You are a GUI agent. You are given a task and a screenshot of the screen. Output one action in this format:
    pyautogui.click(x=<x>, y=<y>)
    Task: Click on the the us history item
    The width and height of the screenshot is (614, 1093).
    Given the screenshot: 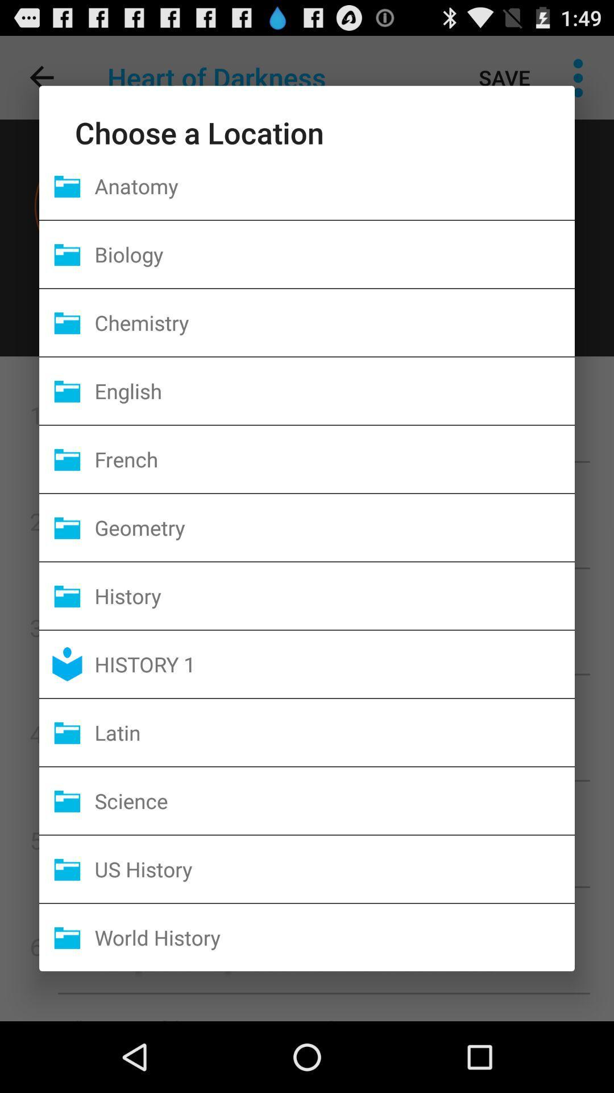 What is the action you would take?
    pyautogui.click(x=334, y=868)
    